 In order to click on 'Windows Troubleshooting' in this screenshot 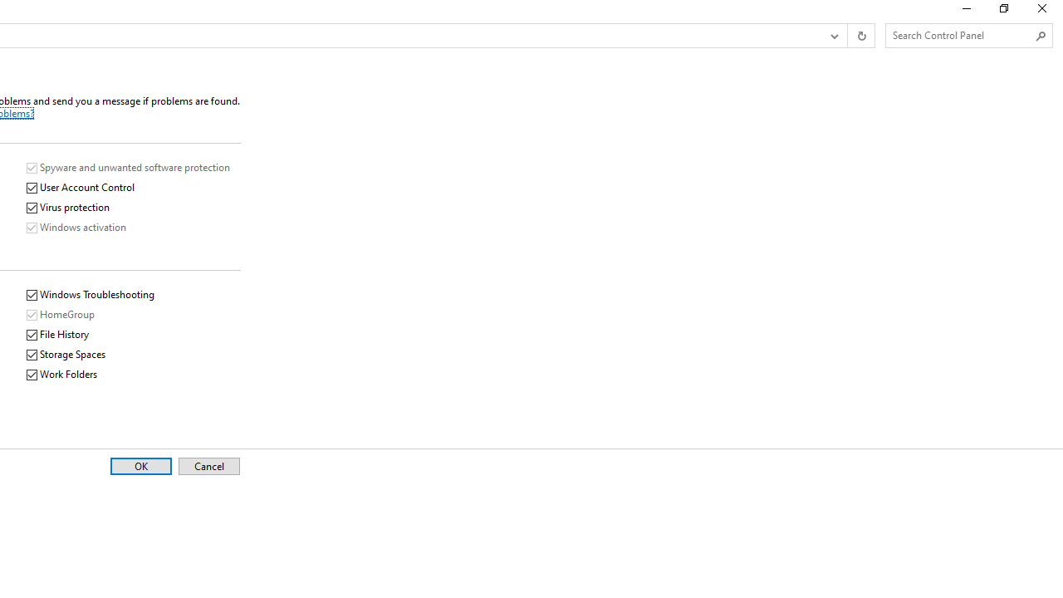, I will do `click(91, 294)`.